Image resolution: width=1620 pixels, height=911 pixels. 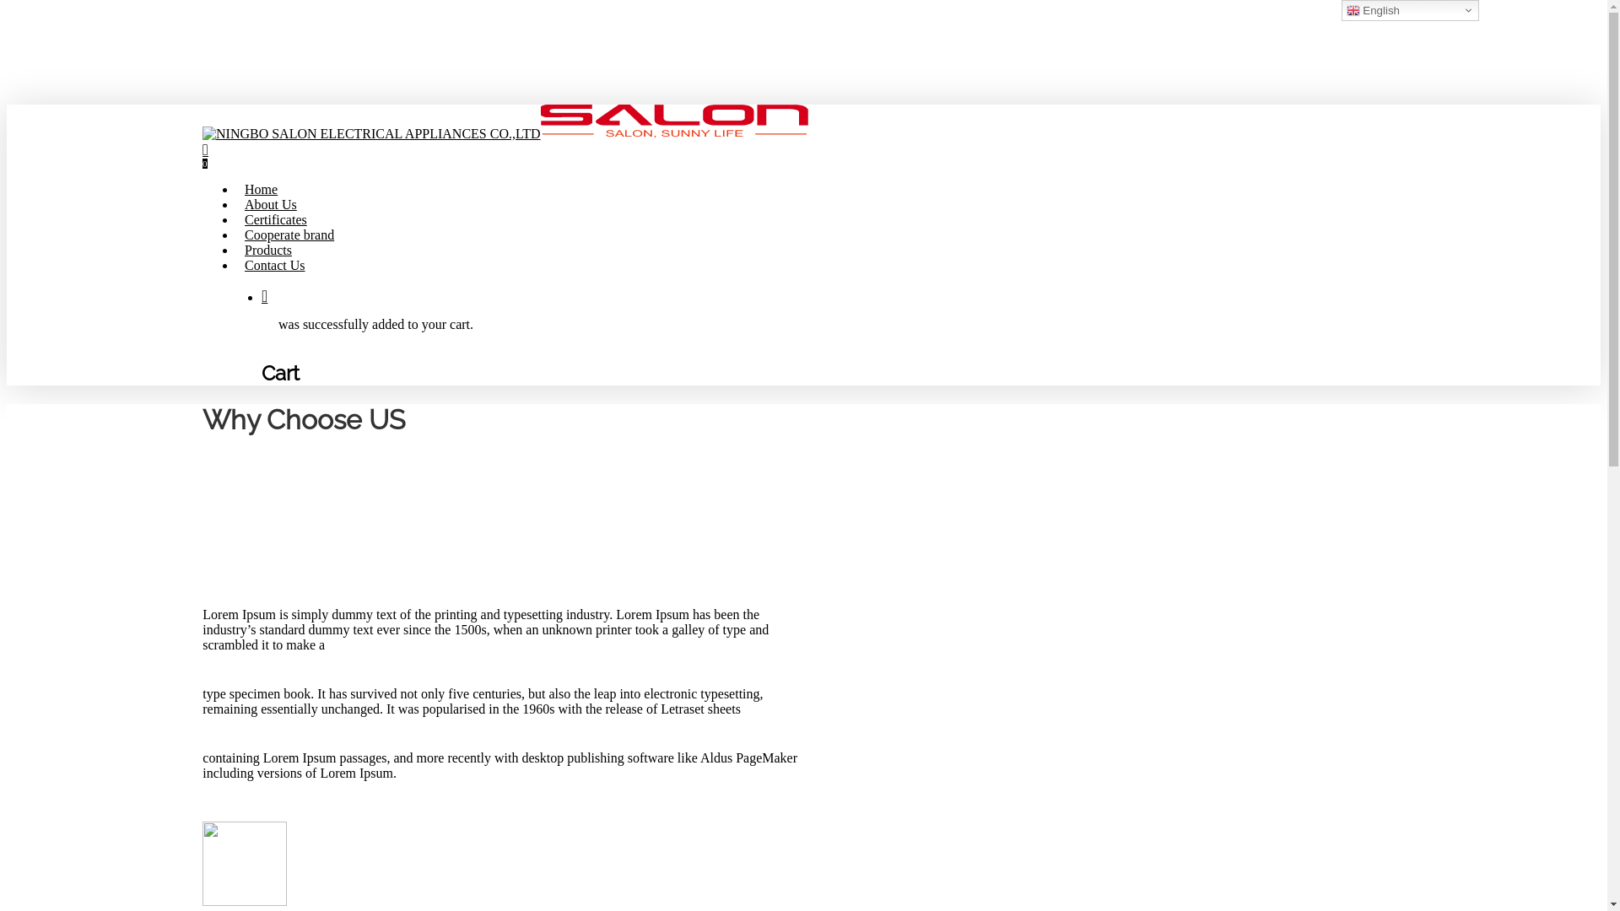 What do you see at coordinates (267, 250) in the screenshot?
I see `'Products'` at bounding box center [267, 250].